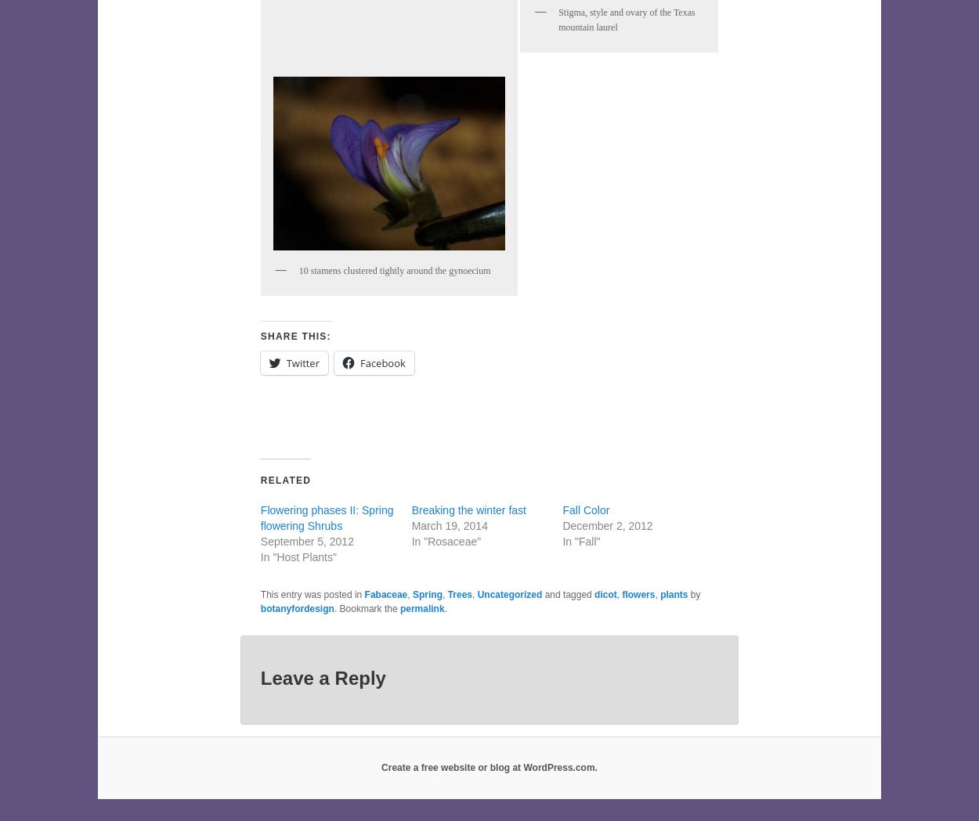  What do you see at coordinates (284, 480) in the screenshot?
I see `'Related'` at bounding box center [284, 480].